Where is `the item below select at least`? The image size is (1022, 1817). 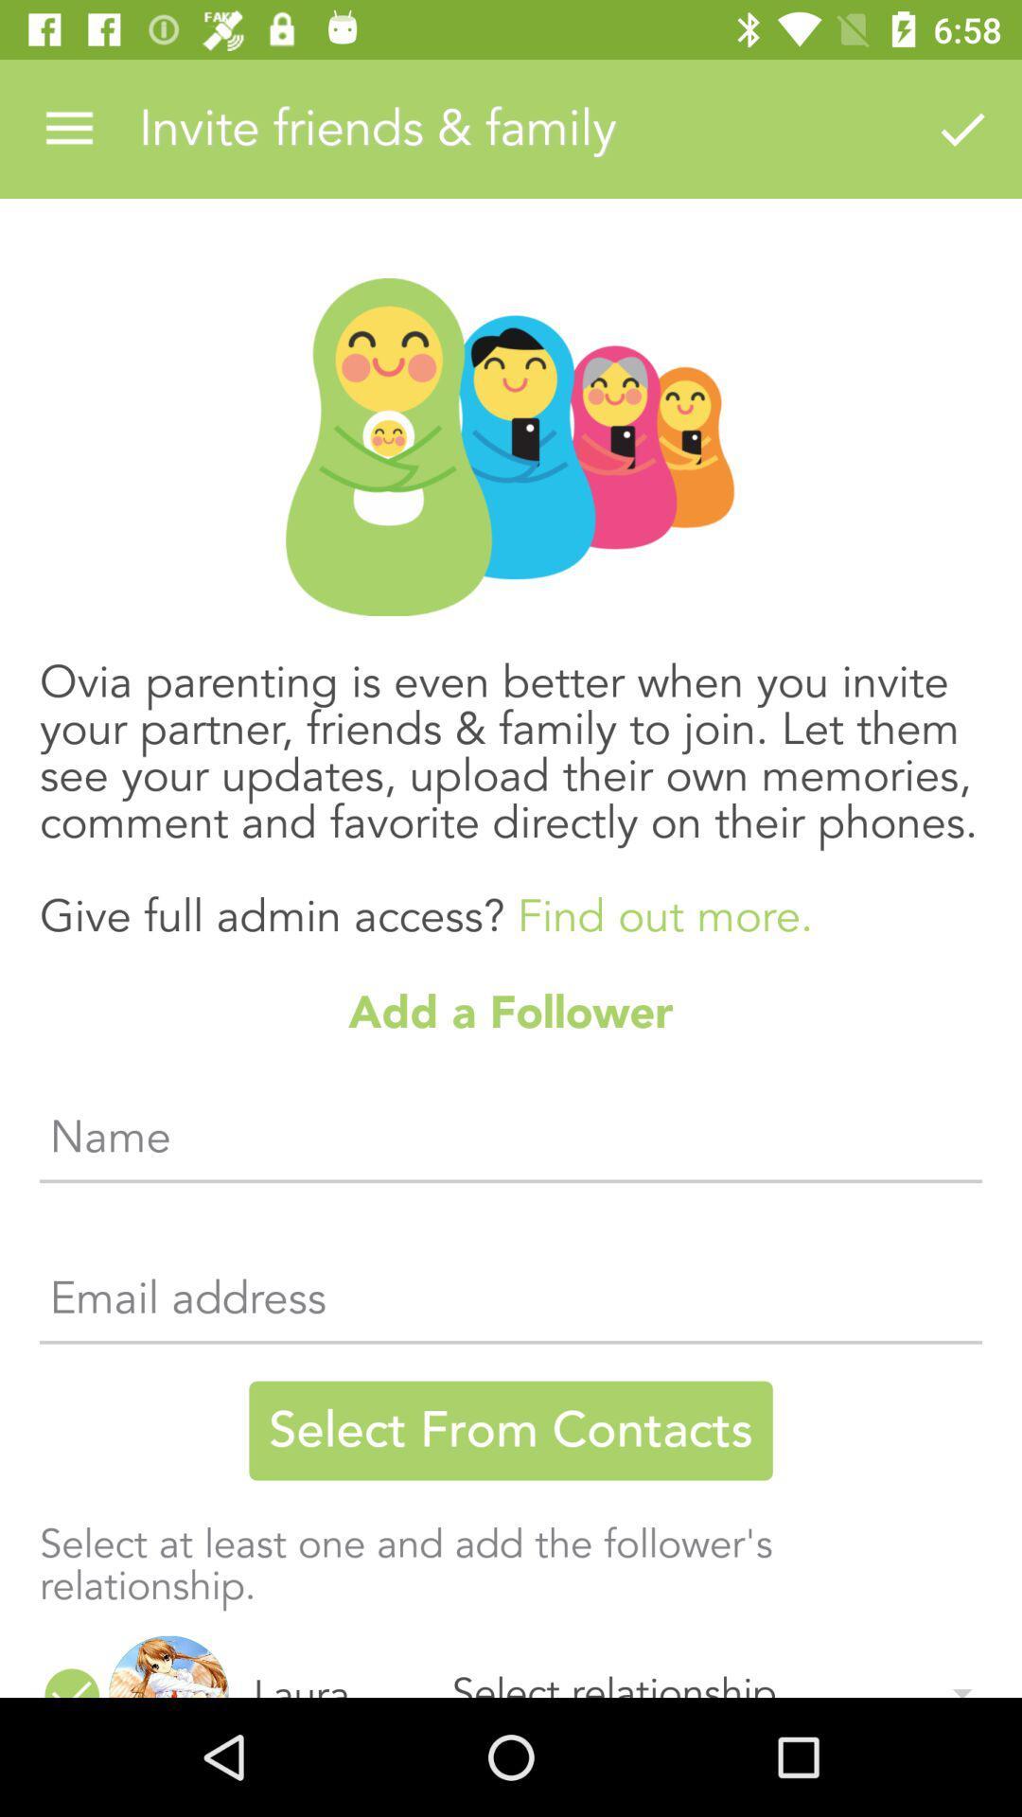 the item below select at least is located at coordinates (167, 1667).